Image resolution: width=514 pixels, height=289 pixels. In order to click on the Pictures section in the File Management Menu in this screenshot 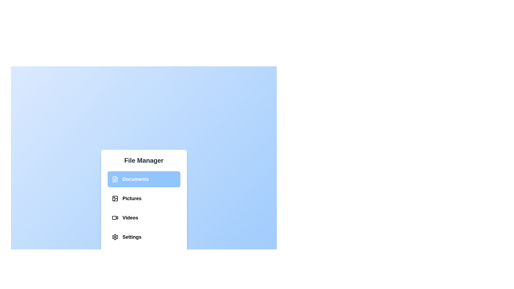, I will do `click(115, 198)`.